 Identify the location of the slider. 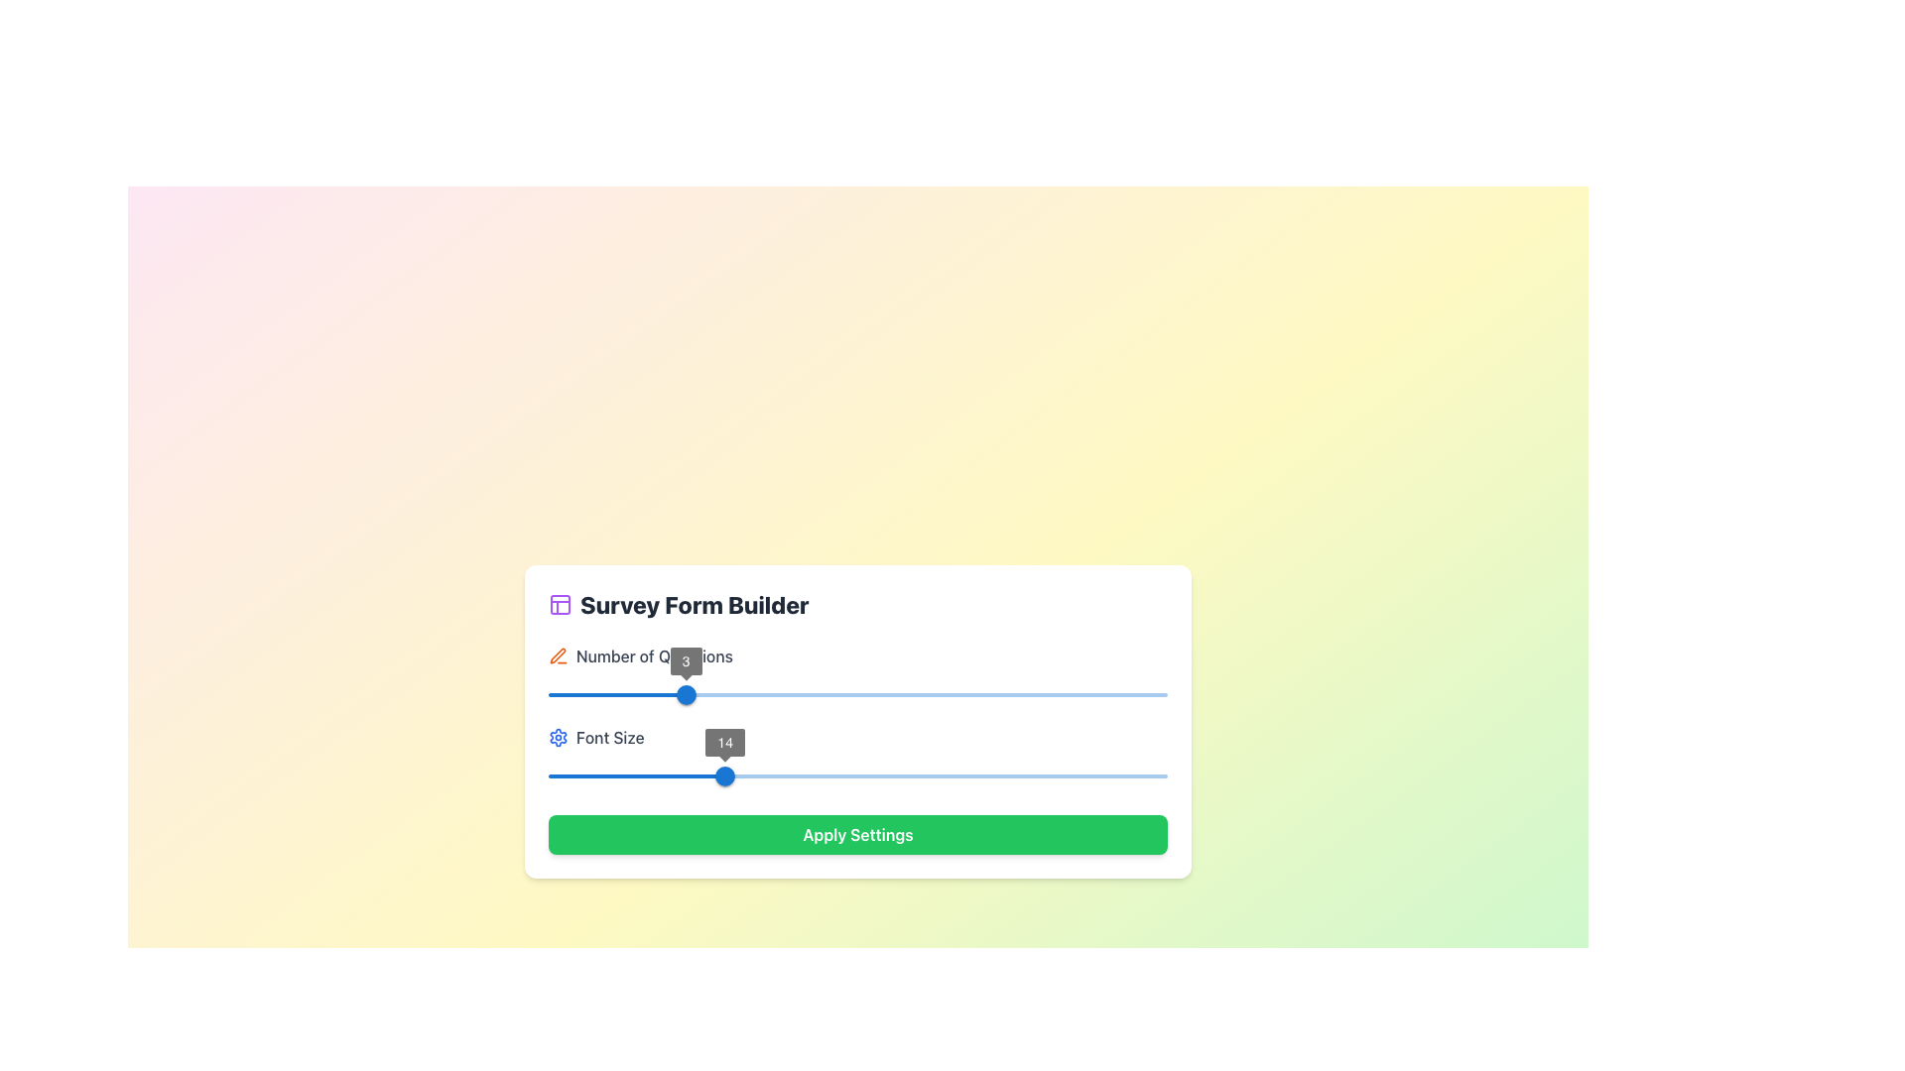
(1043, 694).